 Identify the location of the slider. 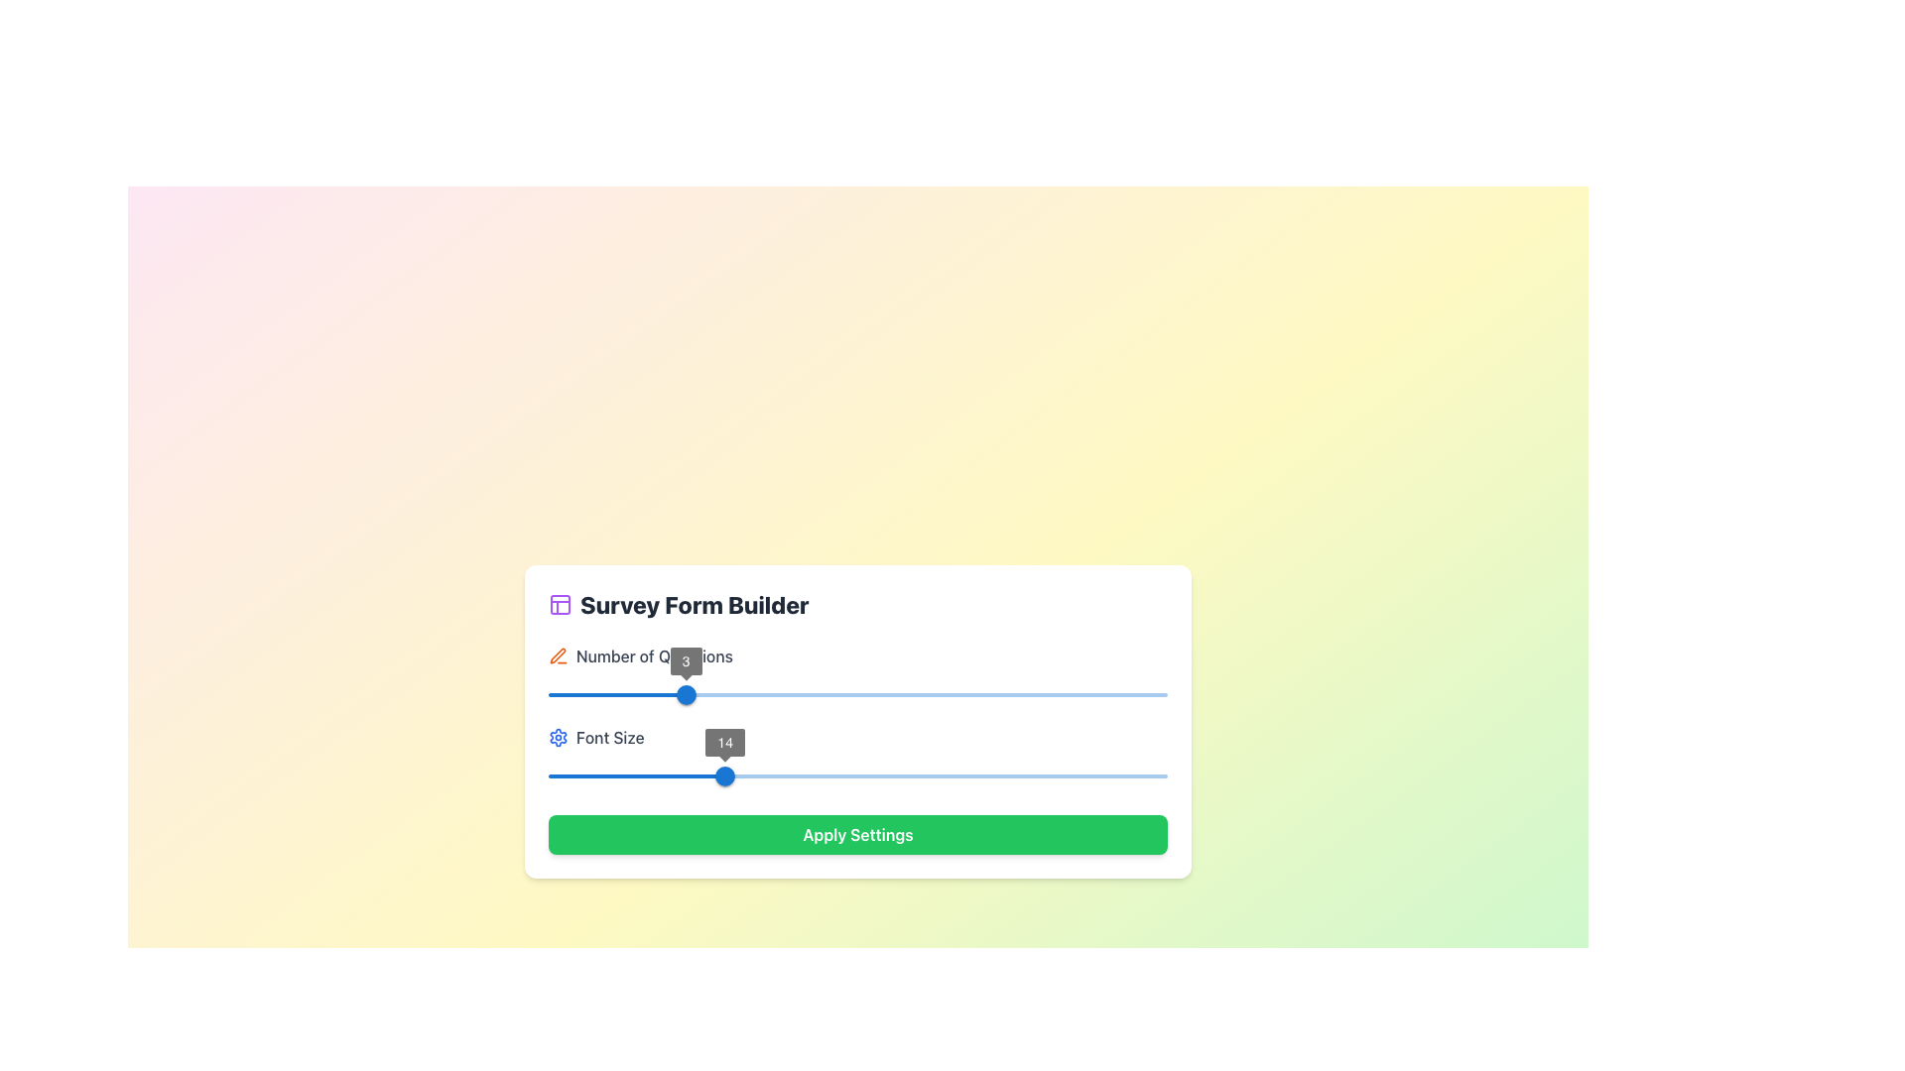
(1043, 694).